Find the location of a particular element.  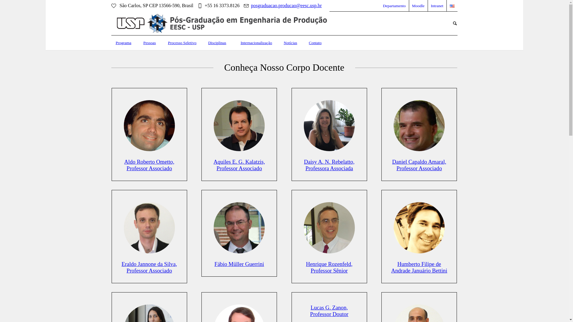

'Pessoas' is located at coordinates (149, 42).